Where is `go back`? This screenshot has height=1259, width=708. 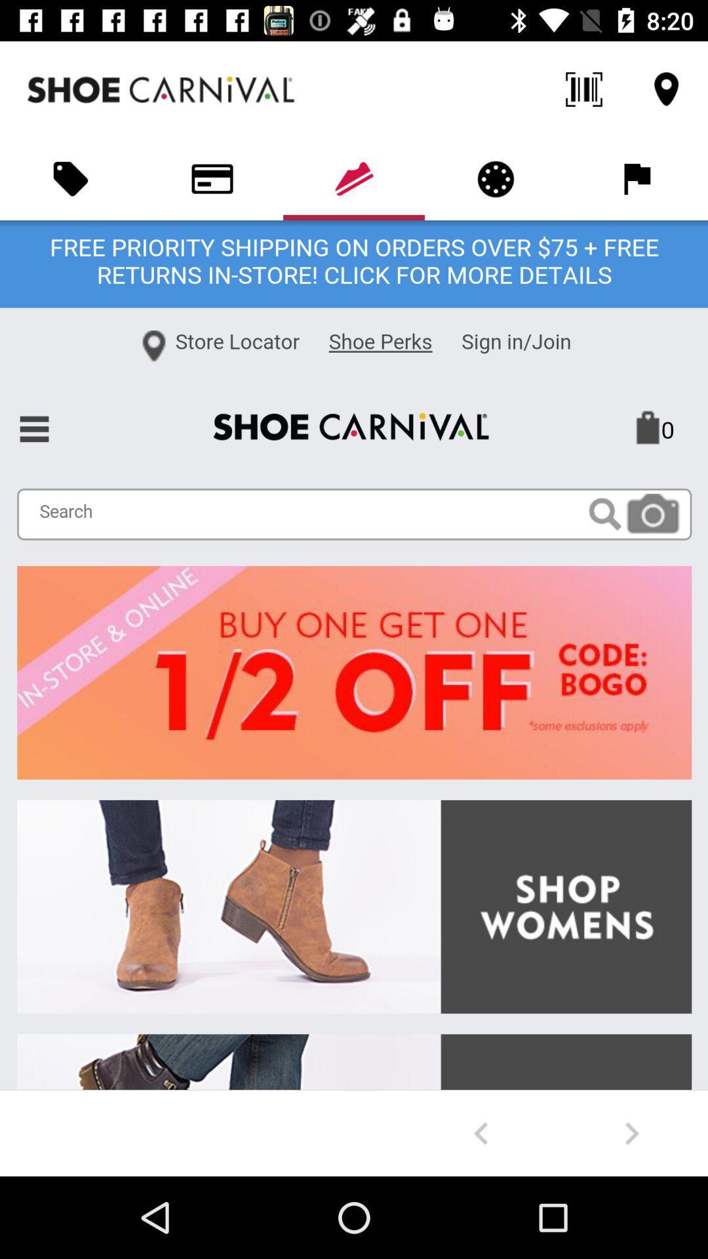
go back is located at coordinates (481, 1132).